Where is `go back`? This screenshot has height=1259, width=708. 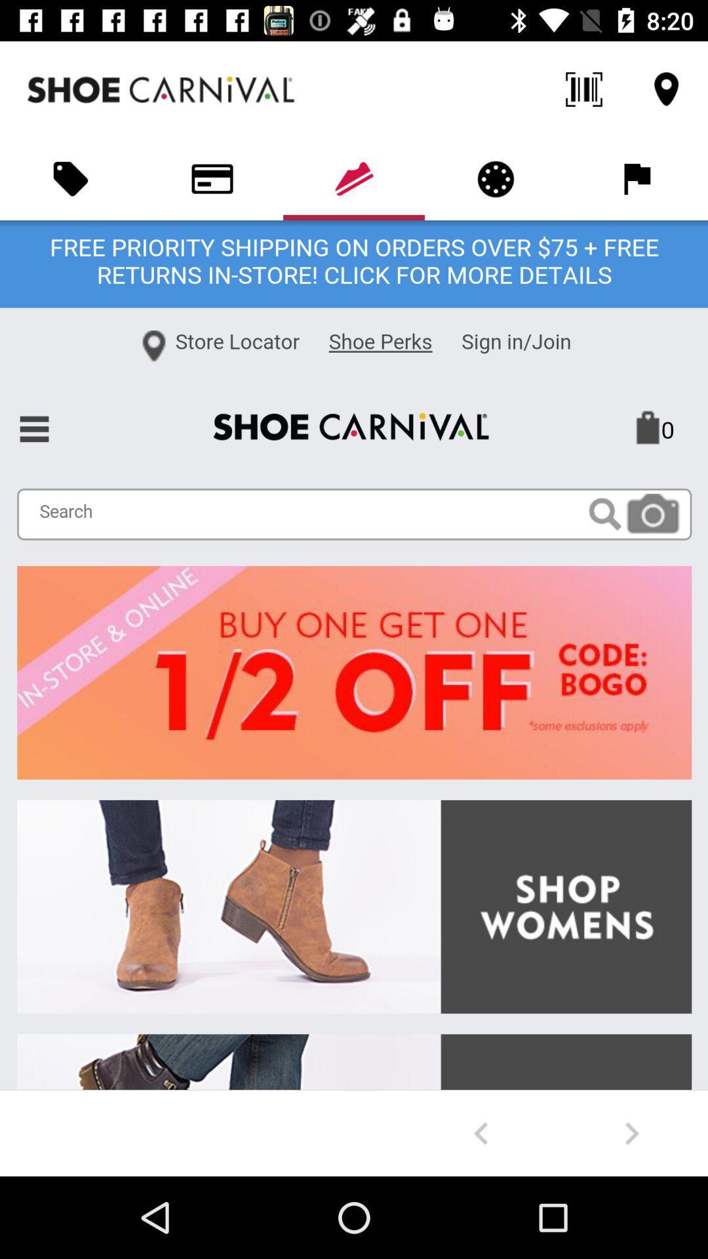
go back is located at coordinates (481, 1132).